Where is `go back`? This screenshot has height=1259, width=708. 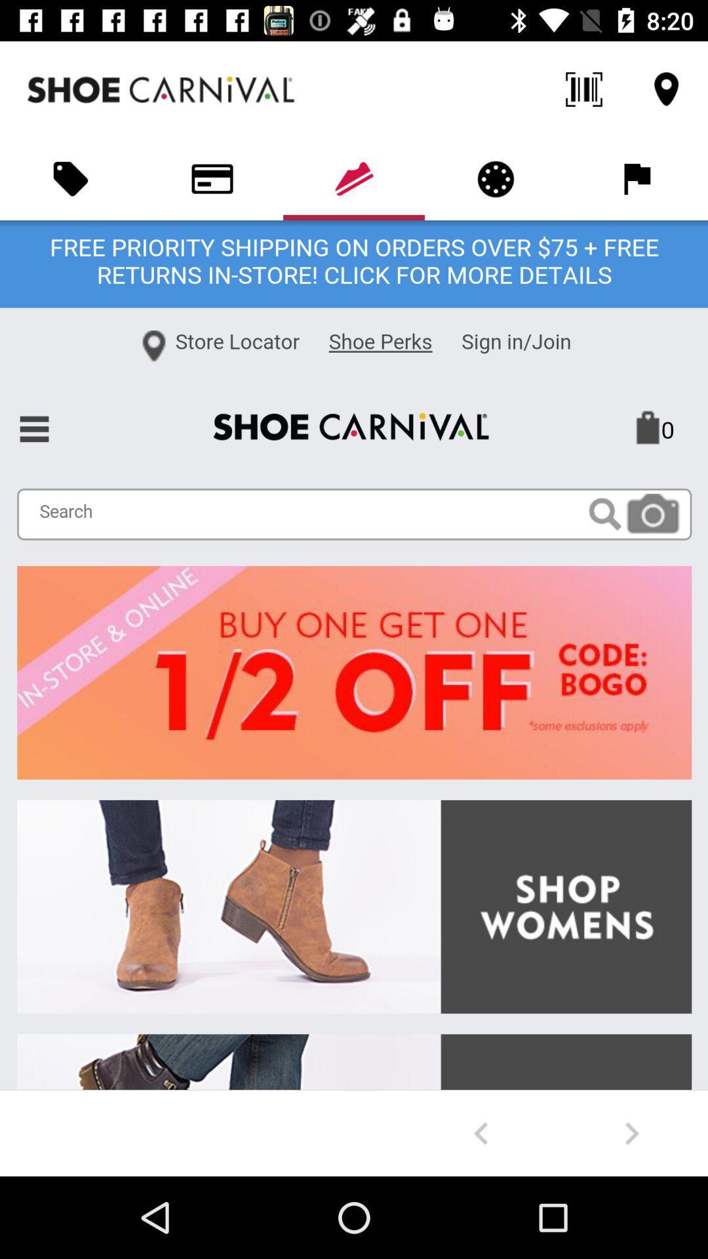
go back is located at coordinates (481, 1132).